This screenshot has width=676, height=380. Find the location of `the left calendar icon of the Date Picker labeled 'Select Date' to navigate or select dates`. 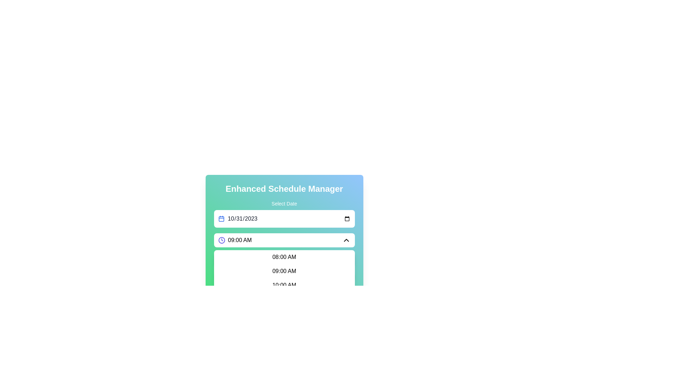

the left calendar icon of the Date Picker labeled 'Select Date' to navigate or select dates is located at coordinates (284, 214).